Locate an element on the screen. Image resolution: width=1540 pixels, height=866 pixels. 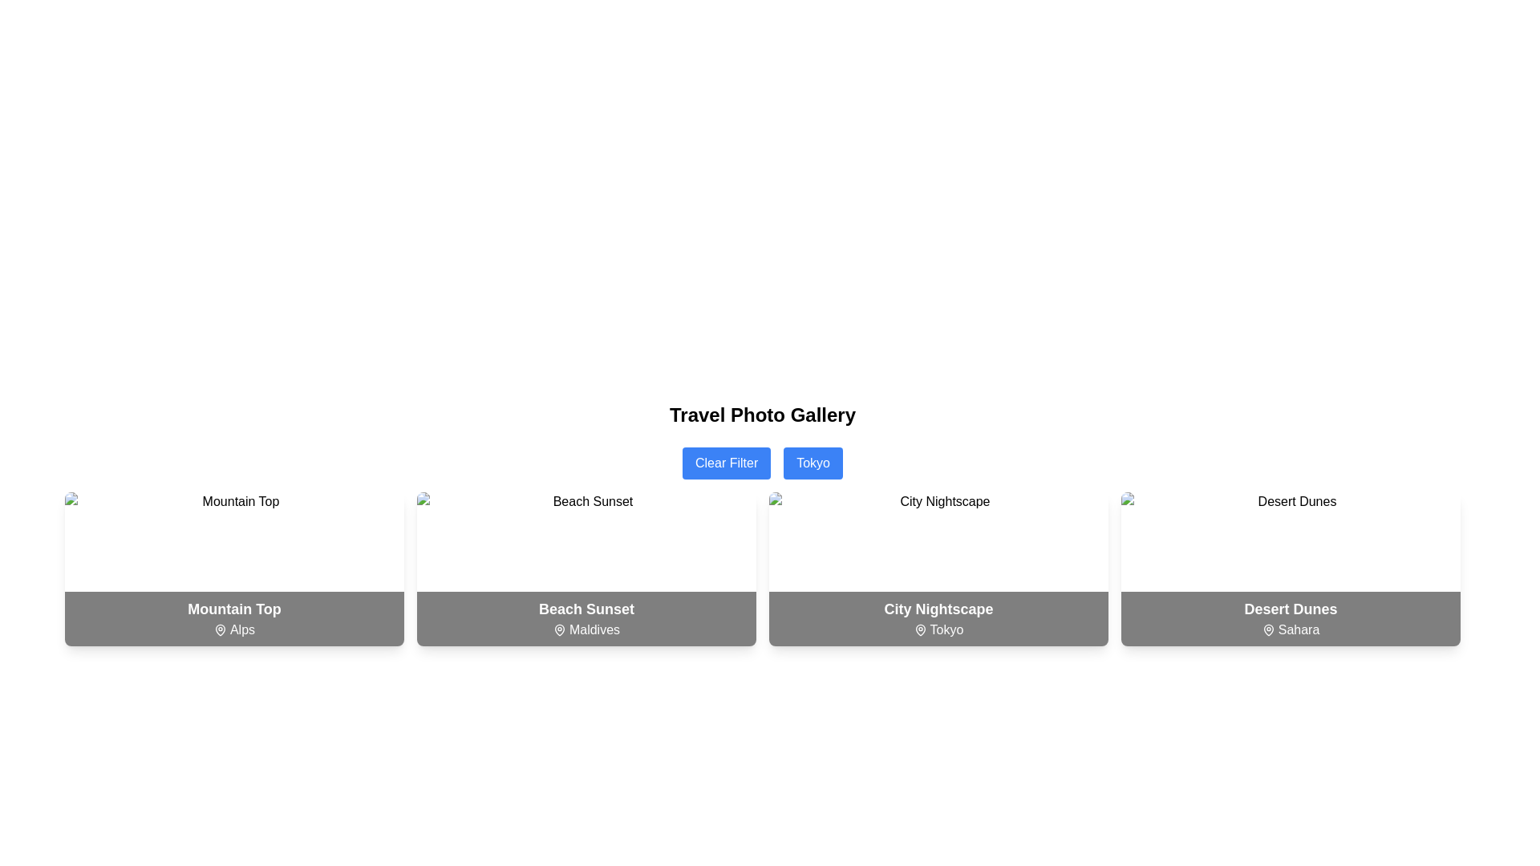
the travel destination card, which is the third card in the grid layout, positioned between 'Beach Sunset' and 'Desert Dunes', for selection or interaction is located at coordinates (938, 568).